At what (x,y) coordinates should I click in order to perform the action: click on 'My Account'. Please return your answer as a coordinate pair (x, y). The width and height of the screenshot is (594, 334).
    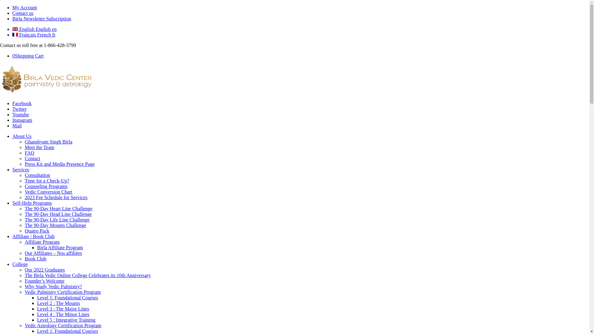
    Looking at the image, I should click on (25, 7).